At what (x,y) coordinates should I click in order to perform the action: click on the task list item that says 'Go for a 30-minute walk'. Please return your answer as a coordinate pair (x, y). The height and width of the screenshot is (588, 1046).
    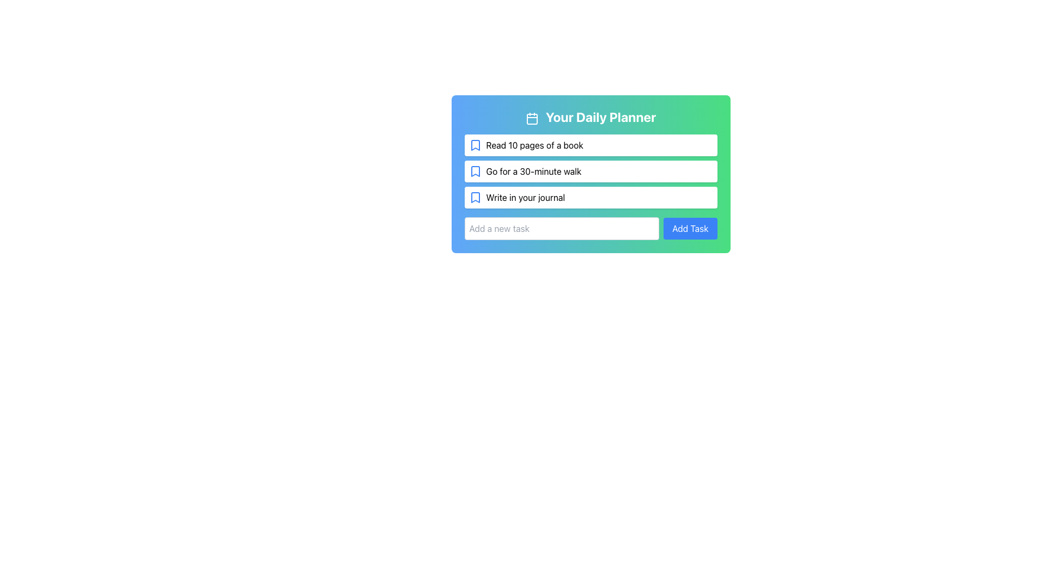
    Looking at the image, I should click on (590, 171).